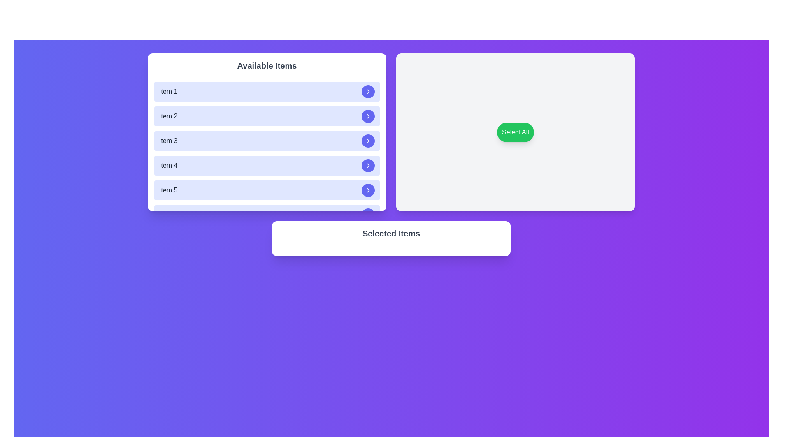  What do you see at coordinates (367, 215) in the screenshot?
I see `the circular indigo button with a right-facing chevron icon located at the far-right end of the 'Item 6' row` at bounding box center [367, 215].